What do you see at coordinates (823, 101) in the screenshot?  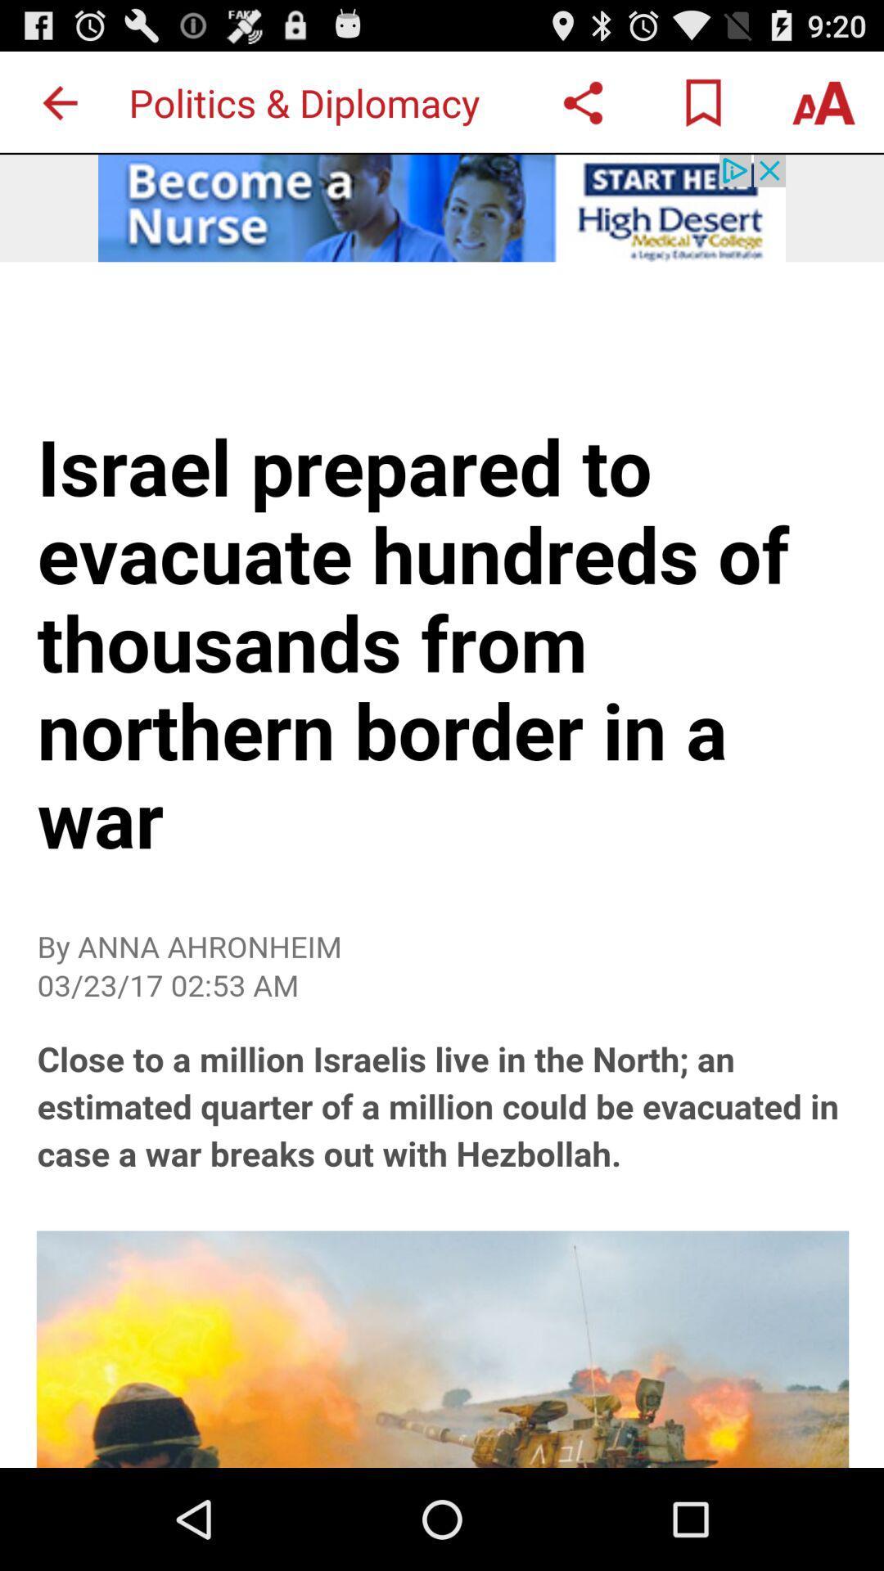 I see `font` at bounding box center [823, 101].